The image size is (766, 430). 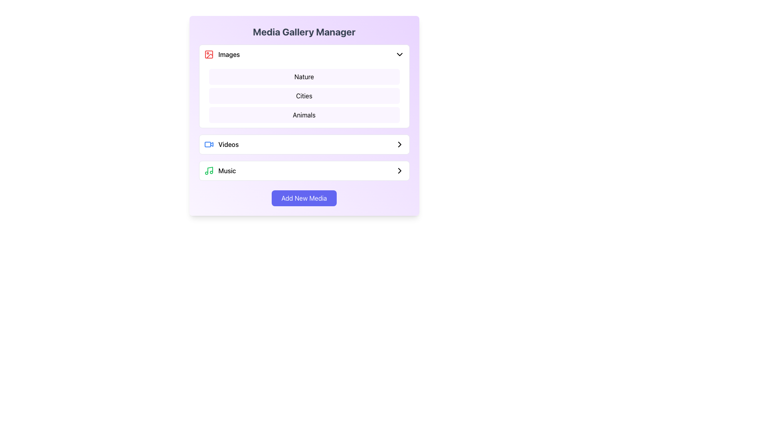 I want to click on the 'Music' navigation button located below the 'Videos' section, so click(x=304, y=170).